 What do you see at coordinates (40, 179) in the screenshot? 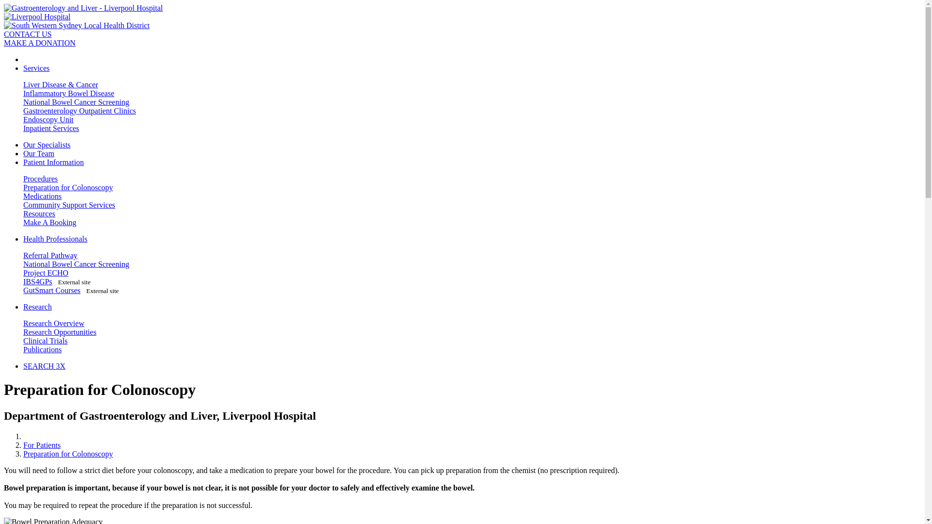
I see `'Procedures'` at bounding box center [40, 179].